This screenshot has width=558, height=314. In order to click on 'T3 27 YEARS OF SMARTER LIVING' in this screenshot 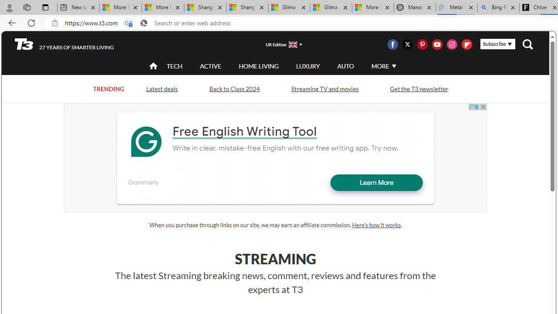, I will do `click(64, 44)`.